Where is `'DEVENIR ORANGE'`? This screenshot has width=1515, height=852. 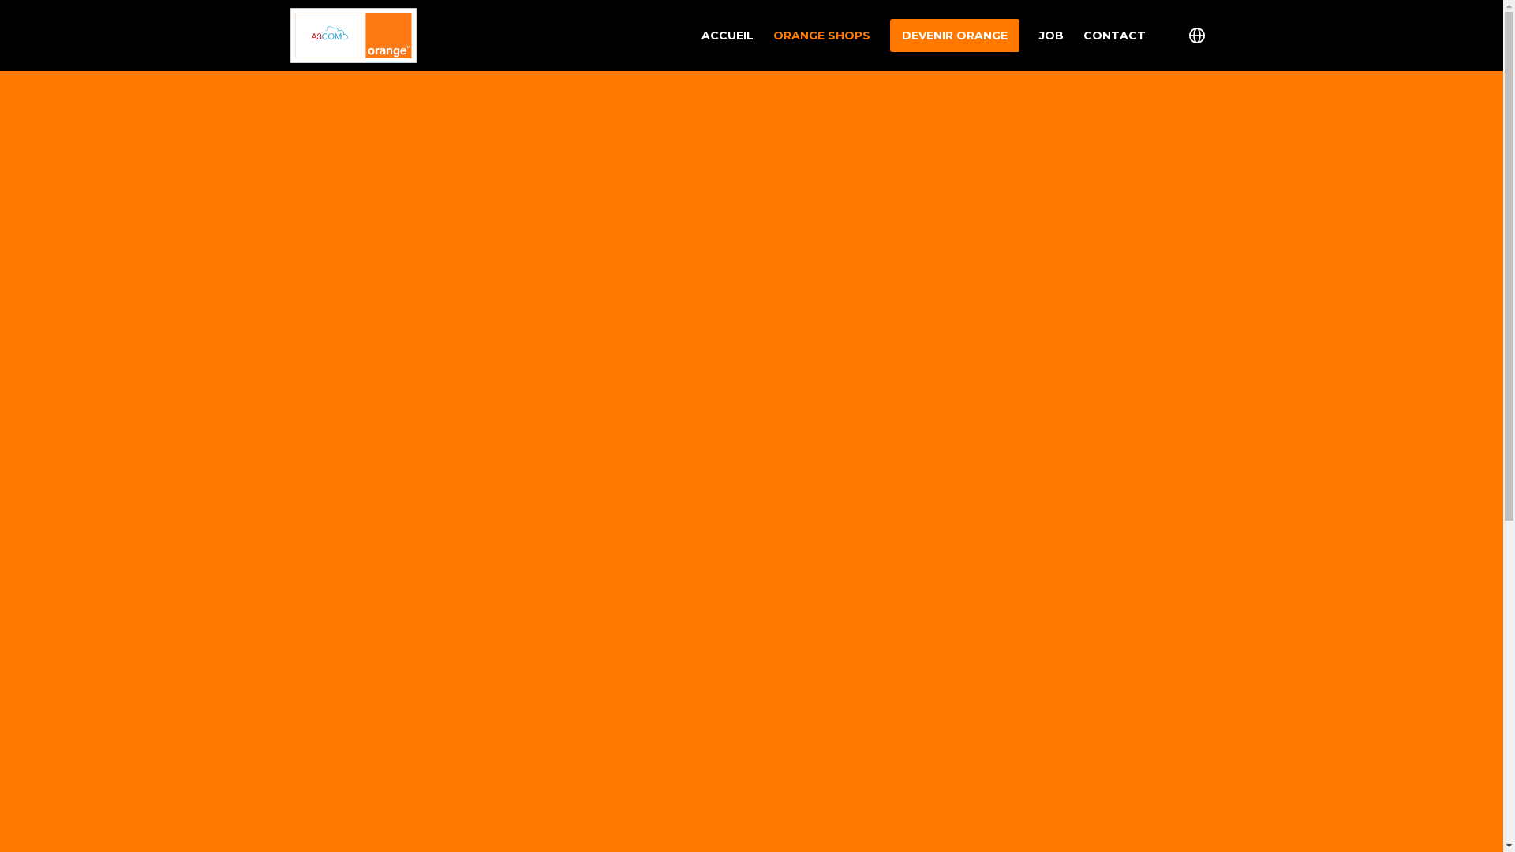
'DEVENIR ORANGE' is located at coordinates (945, 35).